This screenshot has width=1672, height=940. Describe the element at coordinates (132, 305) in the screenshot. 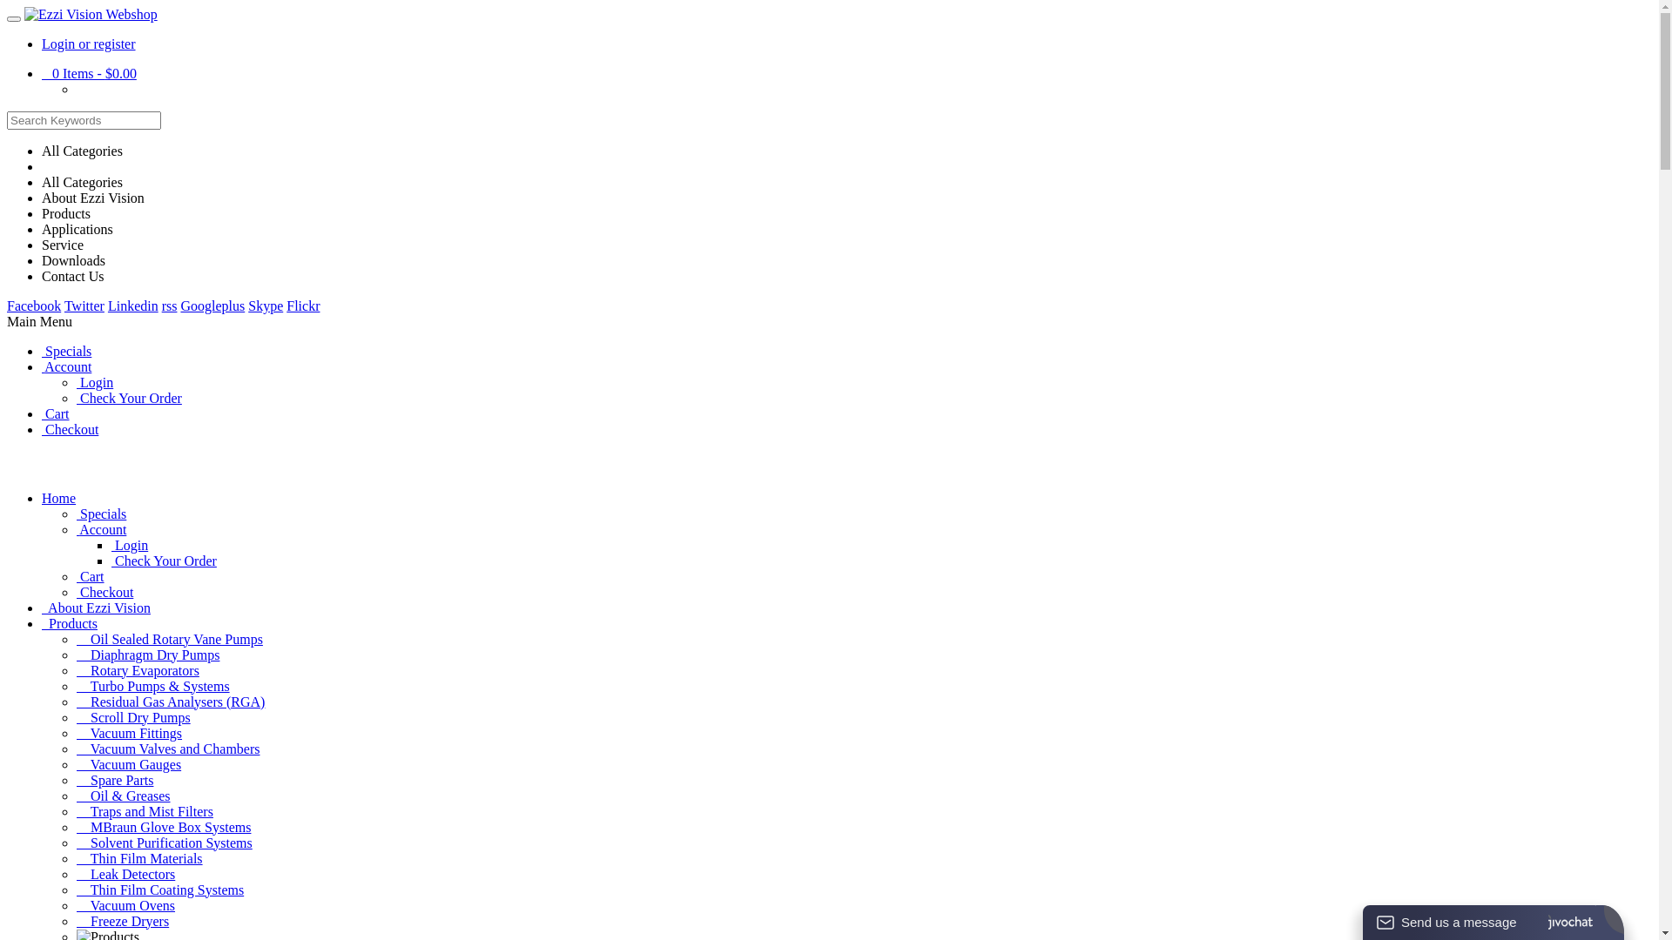

I see `'Linkedin'` at that location.